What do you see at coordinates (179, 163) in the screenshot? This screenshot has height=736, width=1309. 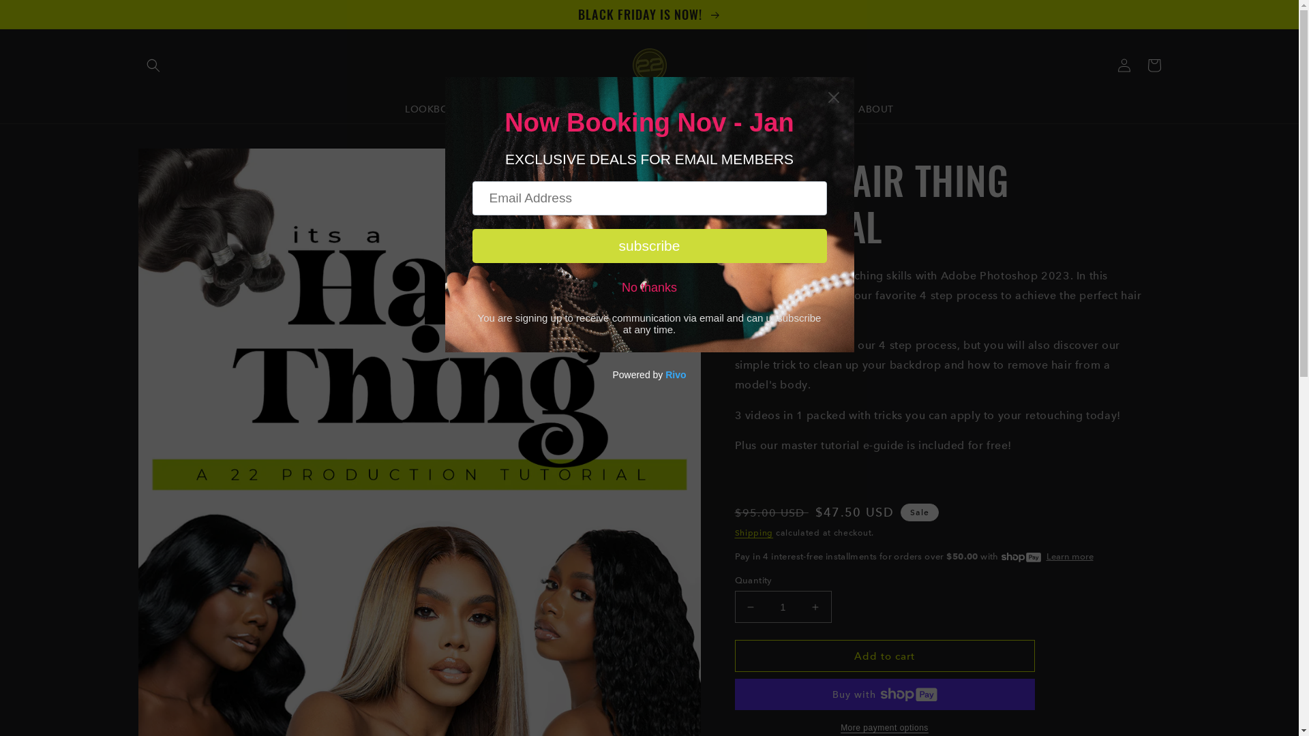 I see `'Skip to product information'` at bounding box center [179, 163].